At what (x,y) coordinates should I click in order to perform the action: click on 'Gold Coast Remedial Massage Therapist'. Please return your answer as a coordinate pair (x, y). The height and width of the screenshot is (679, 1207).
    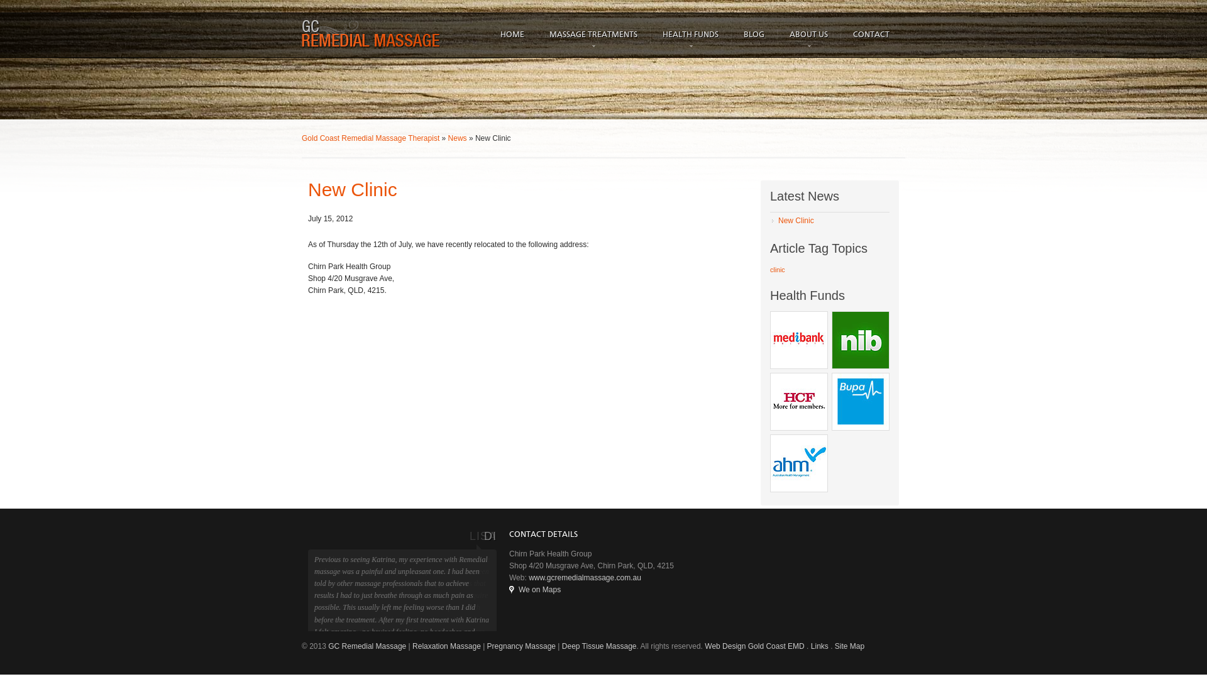
    Looking at the image, I should click on (370, 138).